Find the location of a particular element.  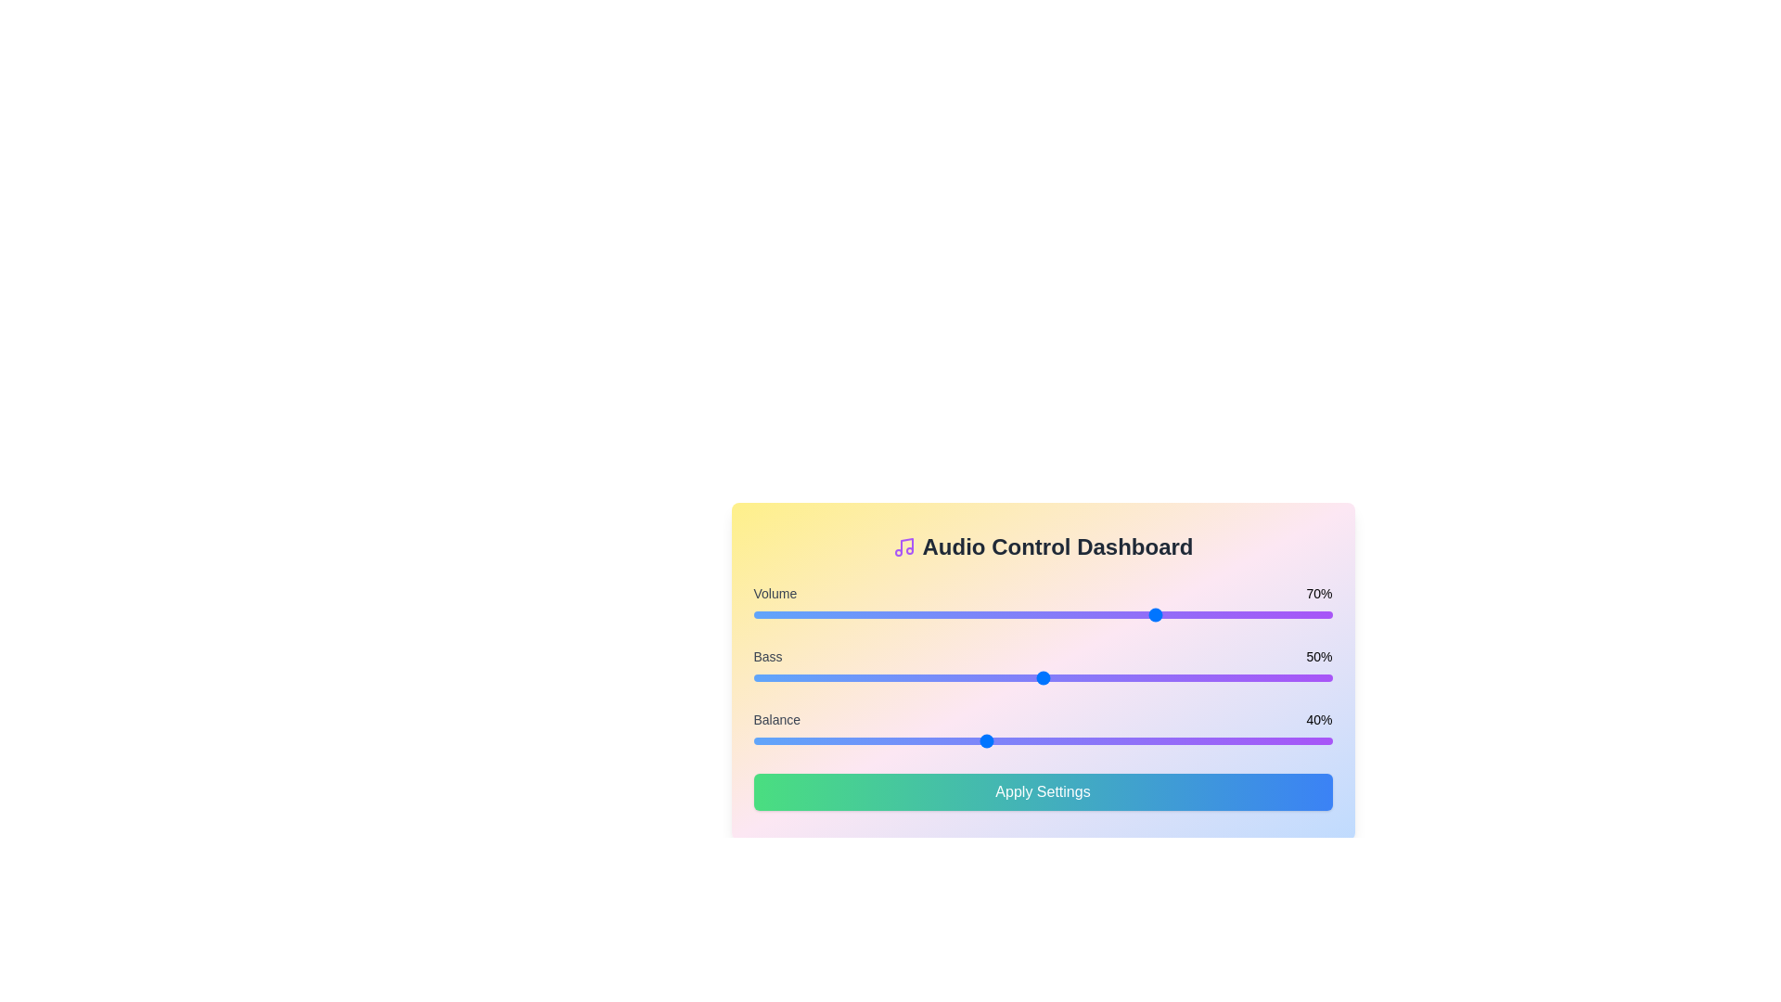

bass is located at coordinates (794, 678).